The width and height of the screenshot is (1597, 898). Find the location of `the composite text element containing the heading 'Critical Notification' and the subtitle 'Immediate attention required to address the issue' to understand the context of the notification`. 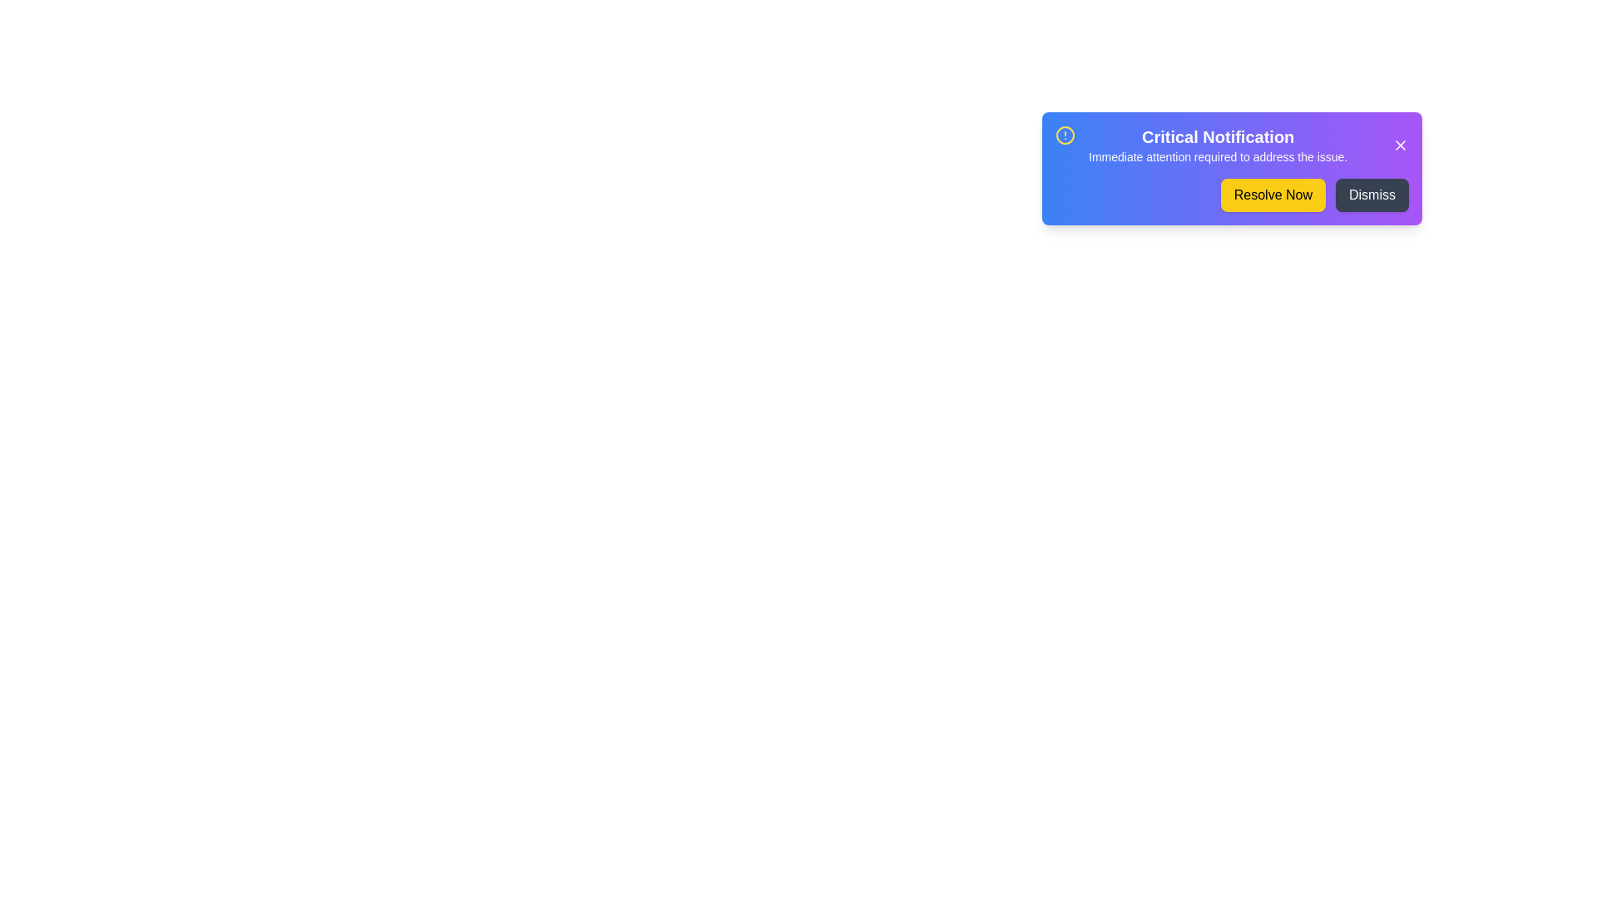

the composite text element containing the heading 'Critical Notification' and the subtitle 'Immediate attention required to address the issue' to understand the context of the notification is located at coordinates (1218, 144).